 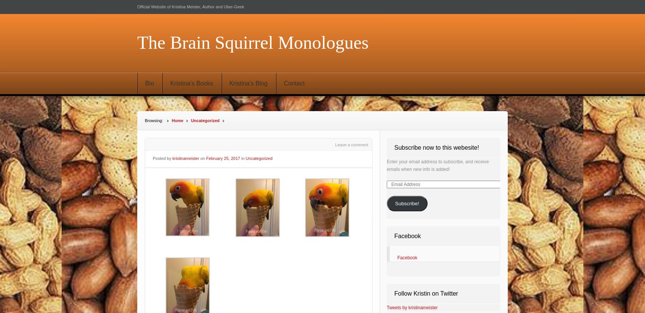 I want to click on 'Uncategorized', so click(x=258, y=158).